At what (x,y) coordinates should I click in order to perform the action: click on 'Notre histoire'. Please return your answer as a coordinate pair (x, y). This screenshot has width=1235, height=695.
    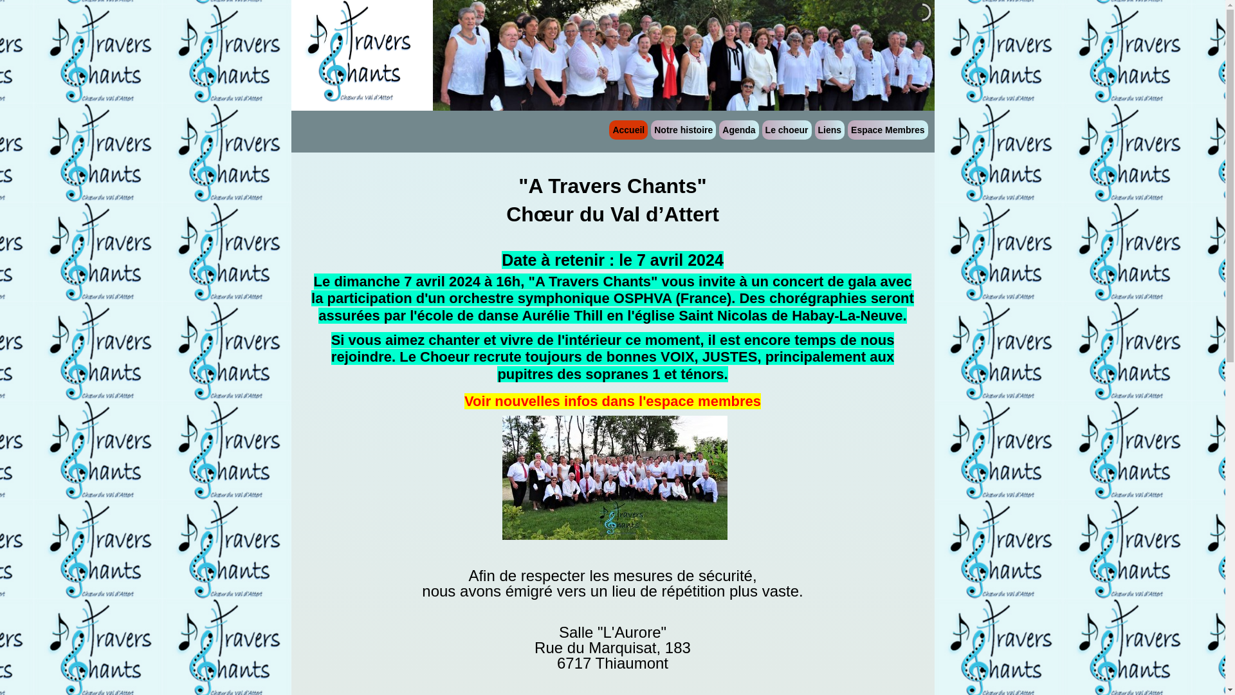
    Looking at the image, I should click on (682, 129).